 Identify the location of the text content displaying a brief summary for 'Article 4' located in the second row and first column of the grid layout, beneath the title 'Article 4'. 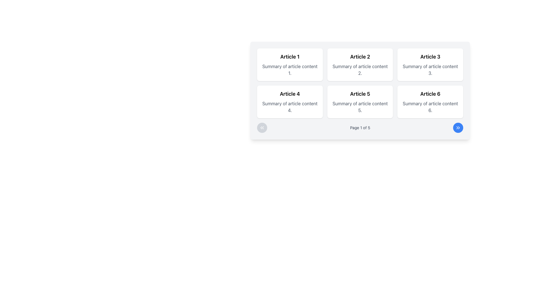
(290, 107).